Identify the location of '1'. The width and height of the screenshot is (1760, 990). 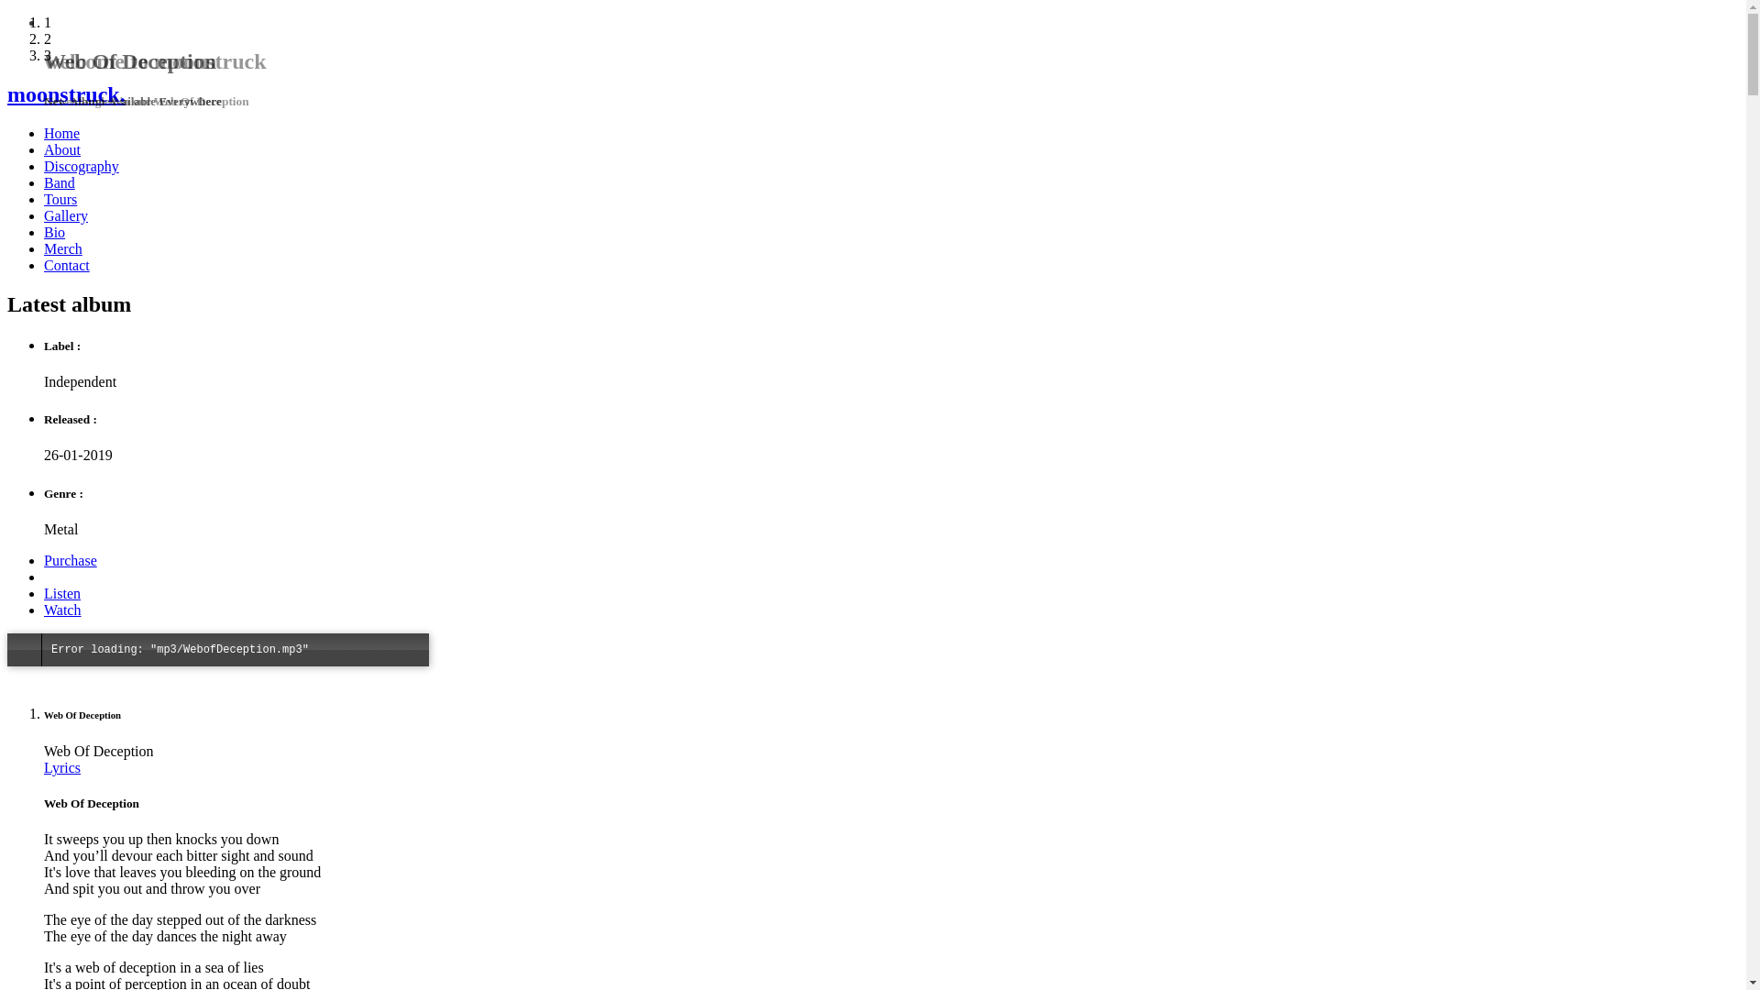
(48, 22).